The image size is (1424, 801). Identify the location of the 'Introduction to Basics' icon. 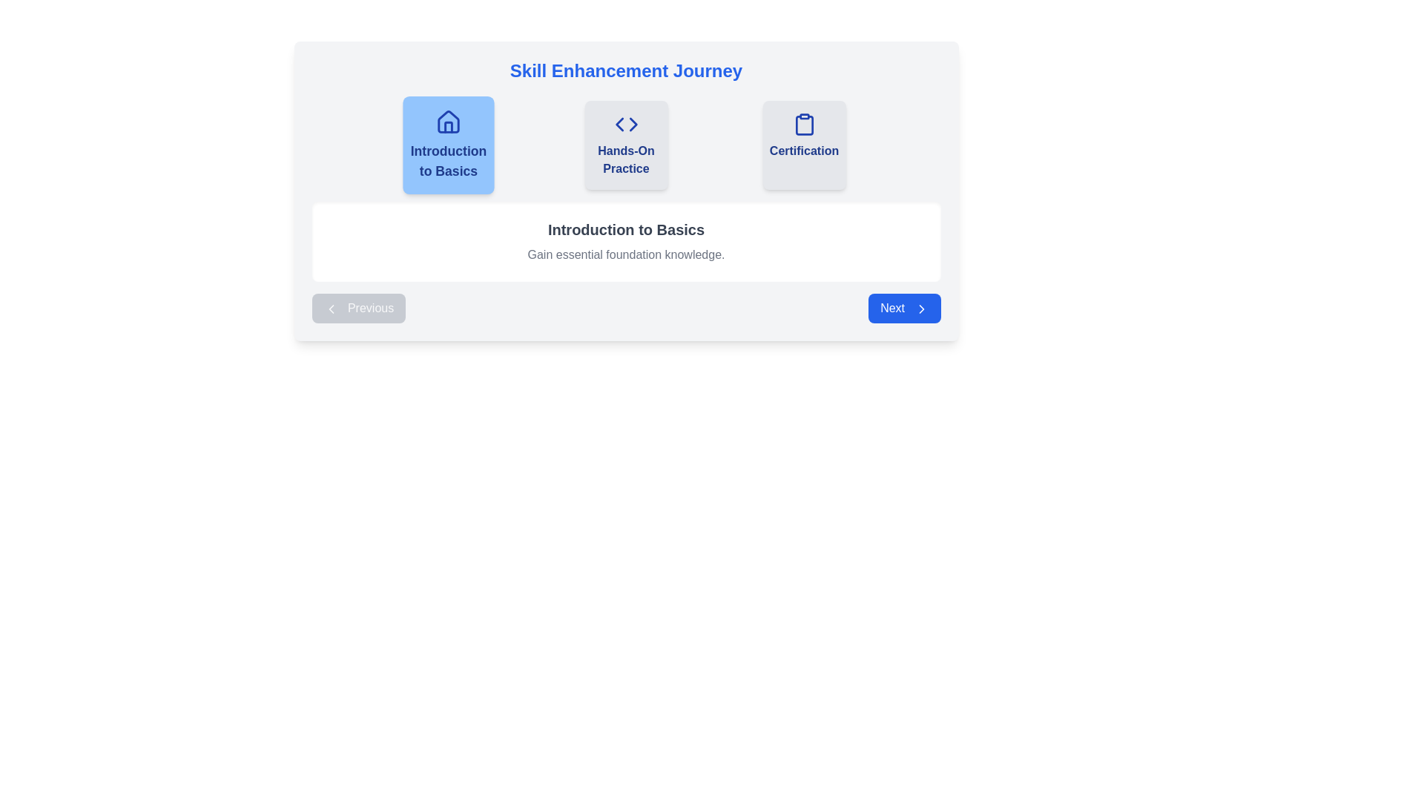
(447, 122).